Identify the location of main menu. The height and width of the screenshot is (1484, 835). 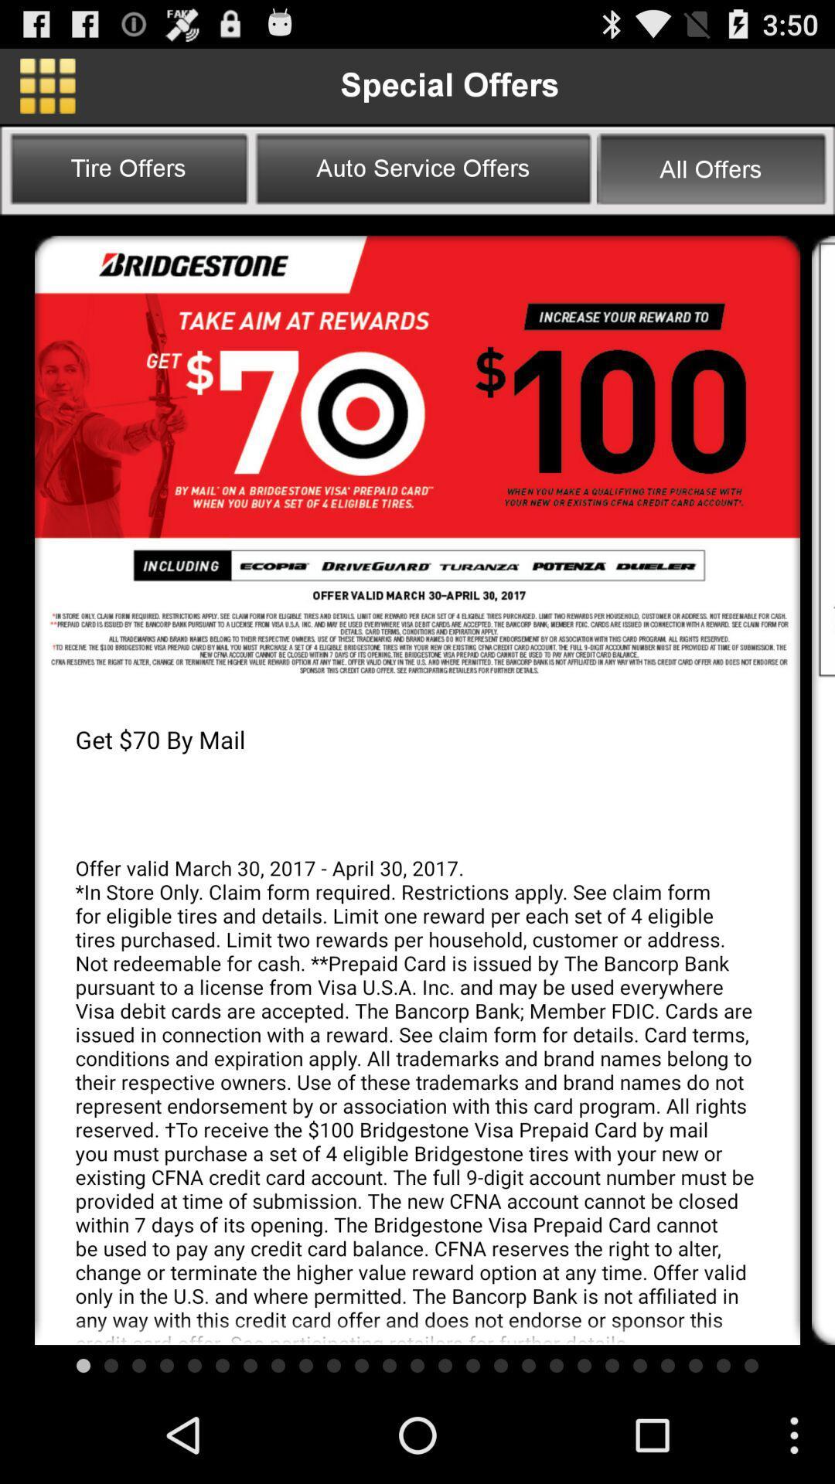
(46, 85).